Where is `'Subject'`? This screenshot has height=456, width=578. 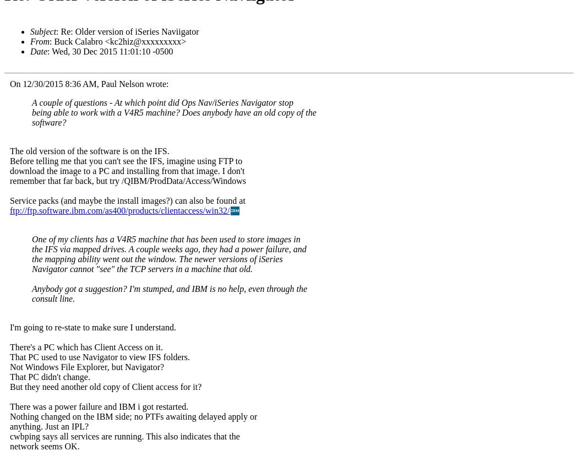
'Subject' is located at coordinates (43, 31).